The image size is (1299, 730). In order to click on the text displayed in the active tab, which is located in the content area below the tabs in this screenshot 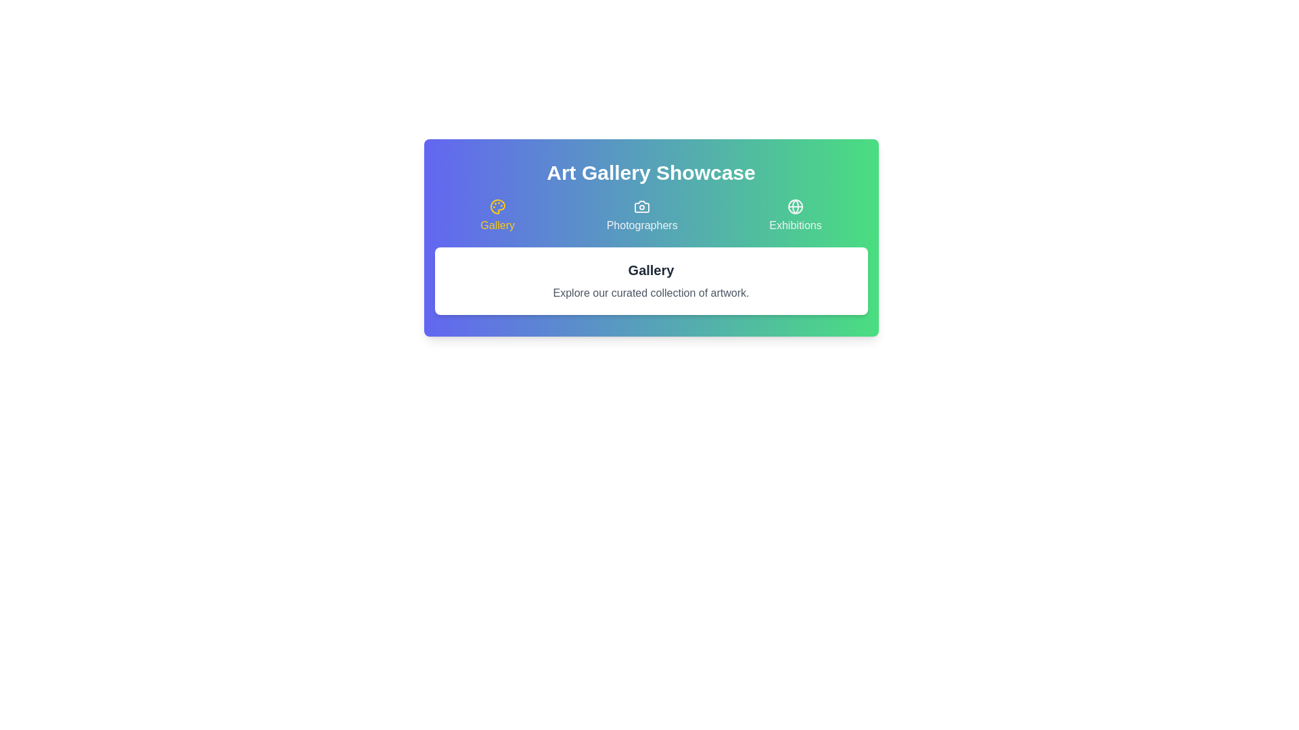, I will do `click(651, 281)`.